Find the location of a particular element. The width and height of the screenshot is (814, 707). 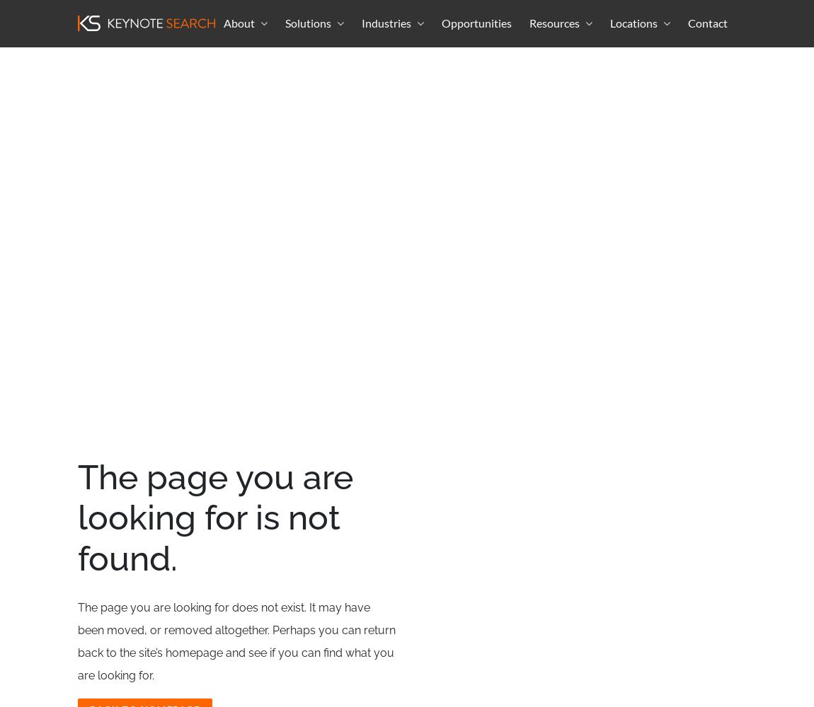

'Resources' is located at coordinates (528, 22).